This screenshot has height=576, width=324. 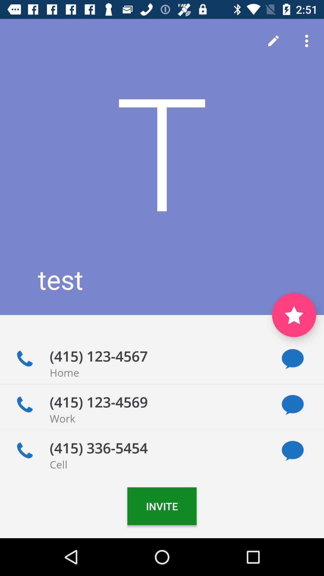 What do you see at coordinates (292, 405) in the screenshot?
I see `send message to 415-123-4569` at bounding box center [292, 405].